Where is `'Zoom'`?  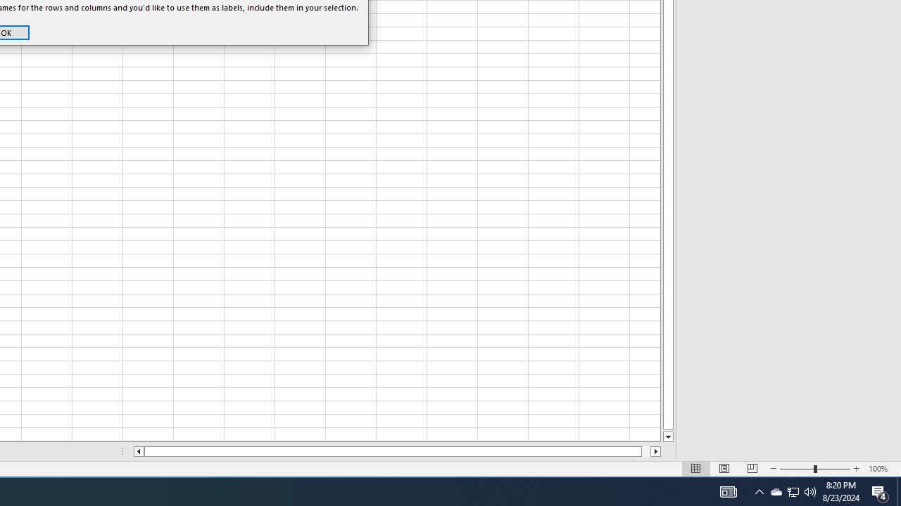 'Zoom' is located at coordinates (815, 469).